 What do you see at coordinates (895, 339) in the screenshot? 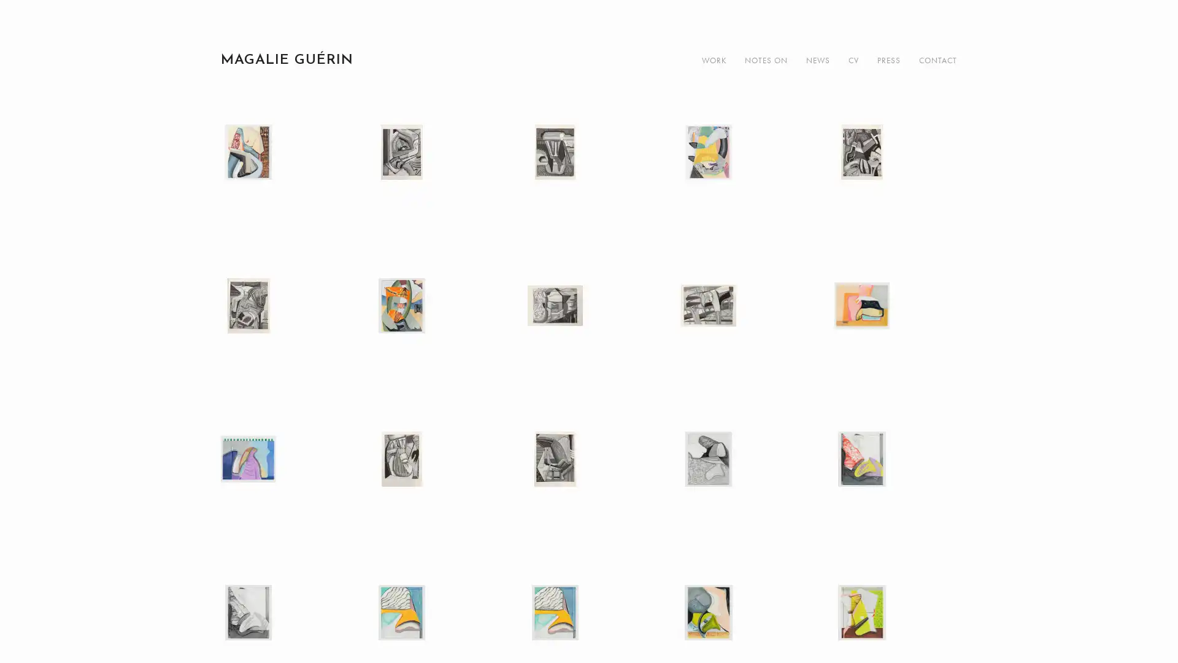
I see `View fullsize Copy Drawing (hat-Albuquerque), 2016` at bounding box center [895, 339].